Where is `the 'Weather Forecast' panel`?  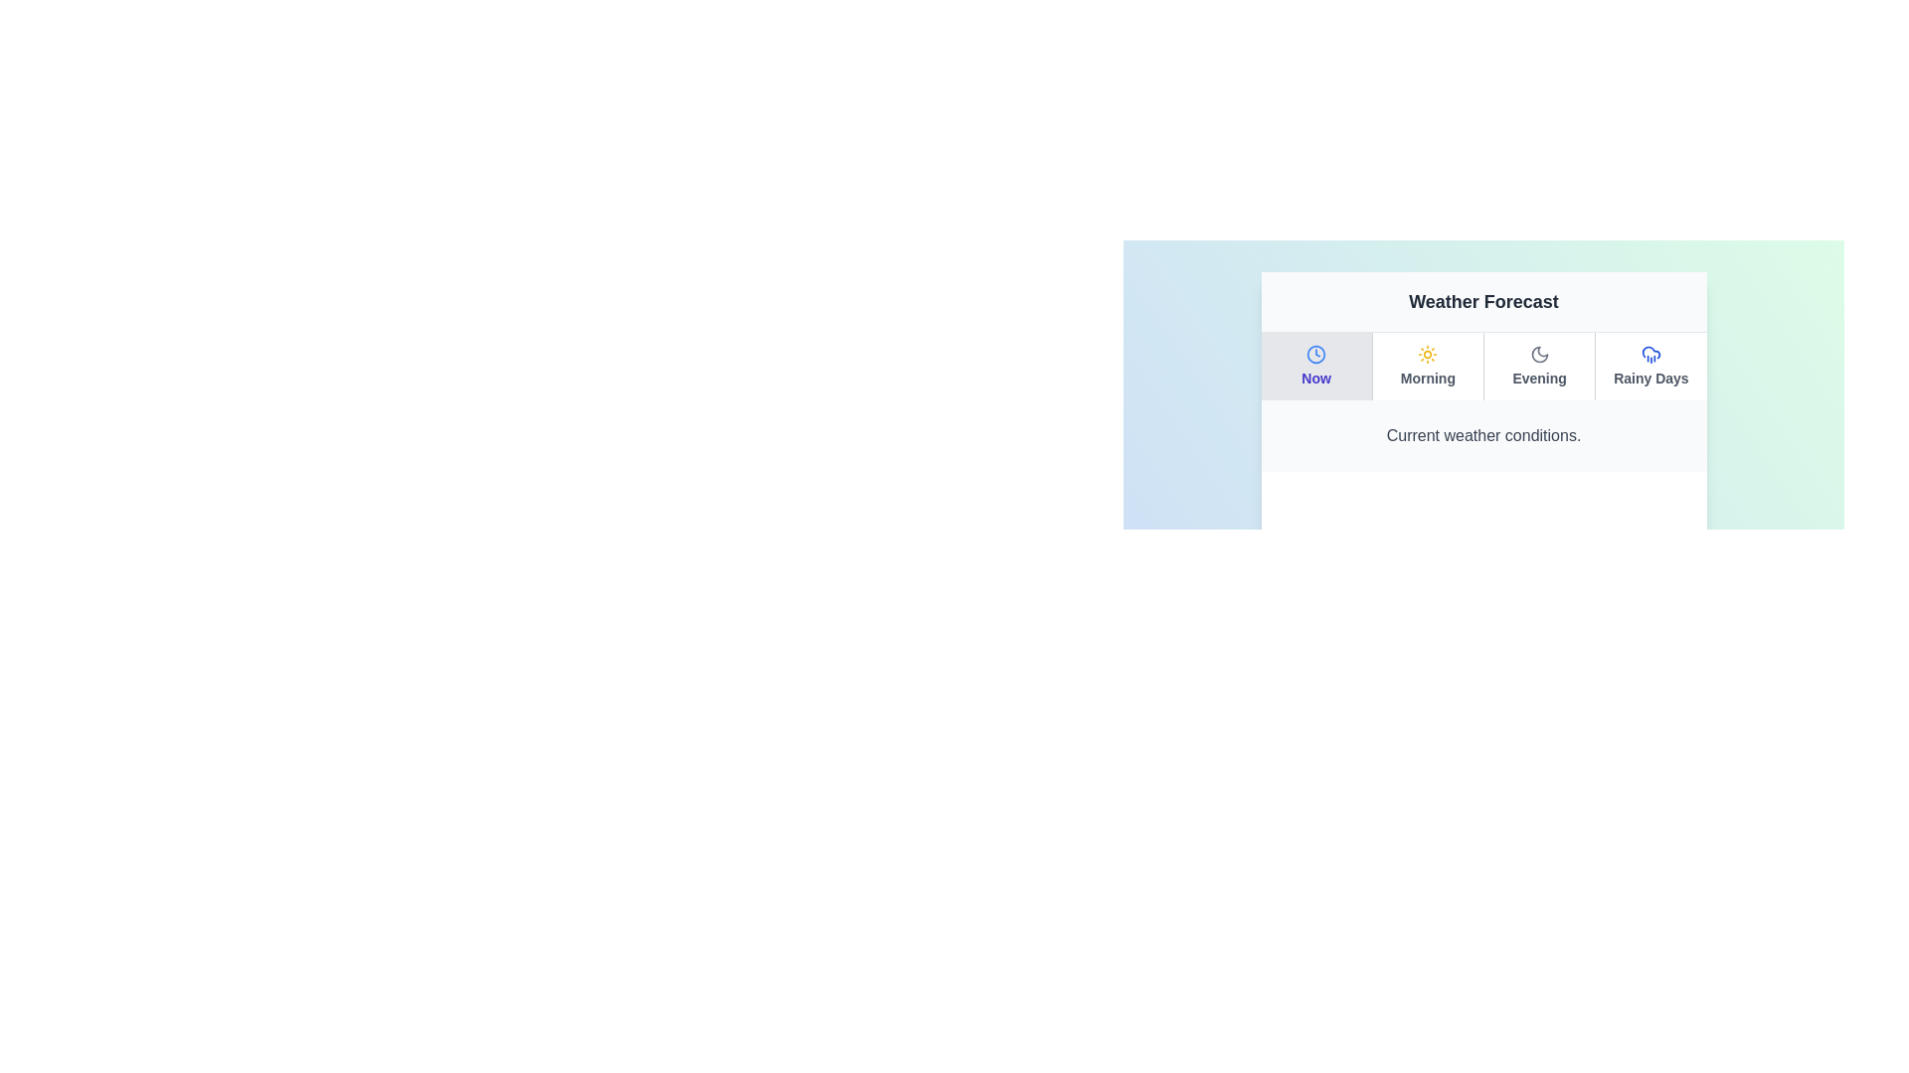 the 'Weather Forecast' panel is located at coordinates (1483, 373).